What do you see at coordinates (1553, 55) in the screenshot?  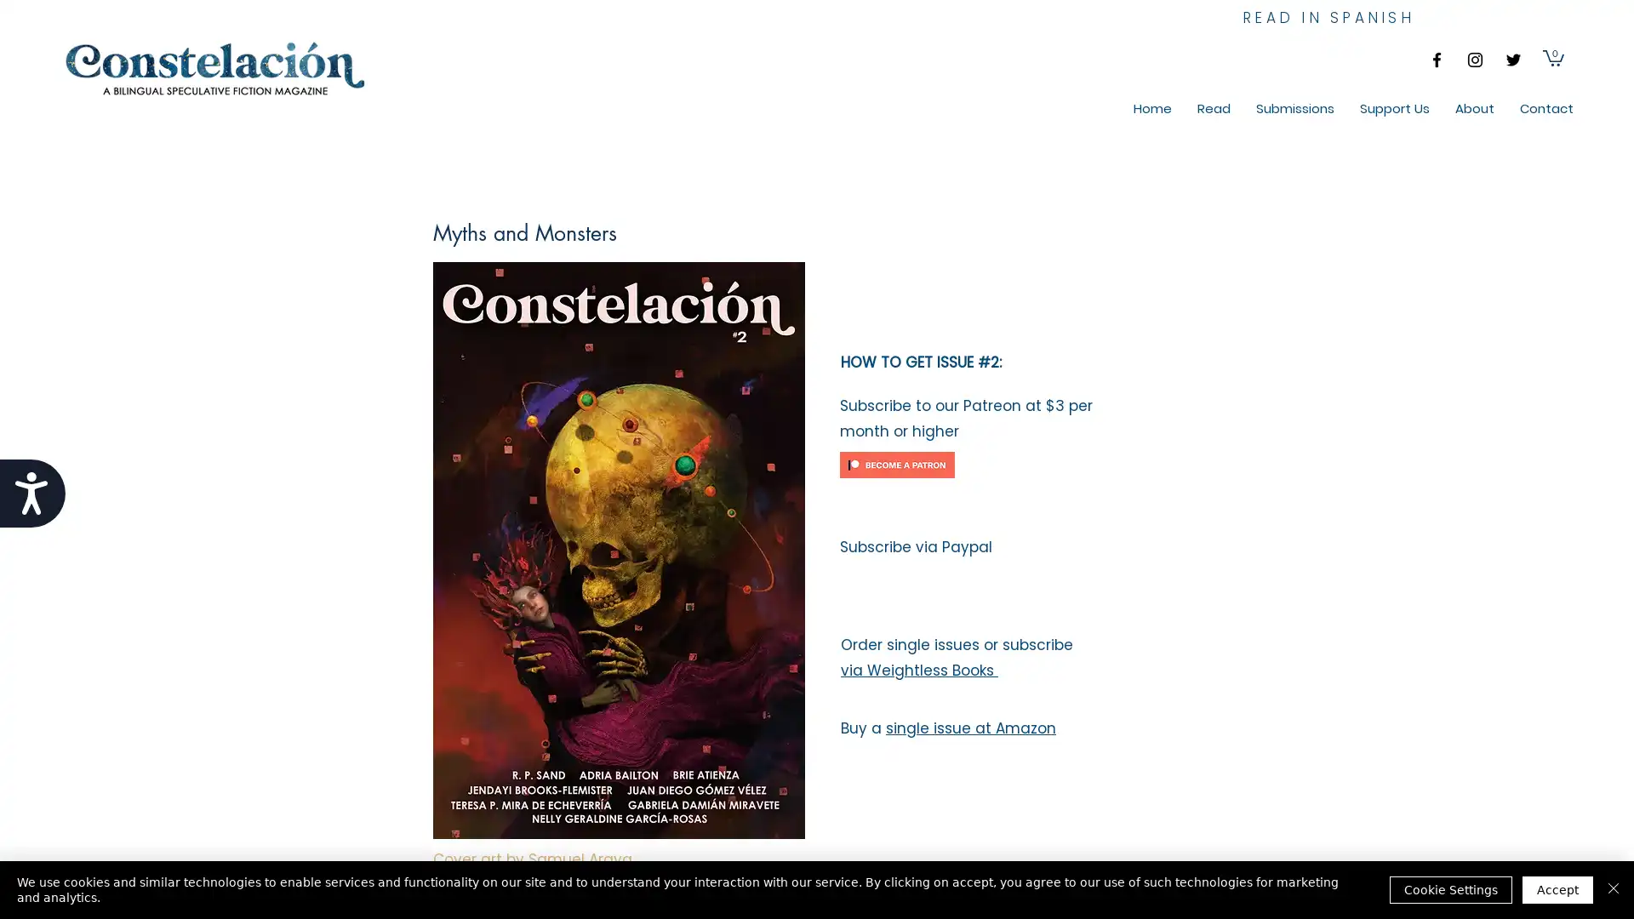 I see `Cart with 0 items` at bounding box center [1553, 55].